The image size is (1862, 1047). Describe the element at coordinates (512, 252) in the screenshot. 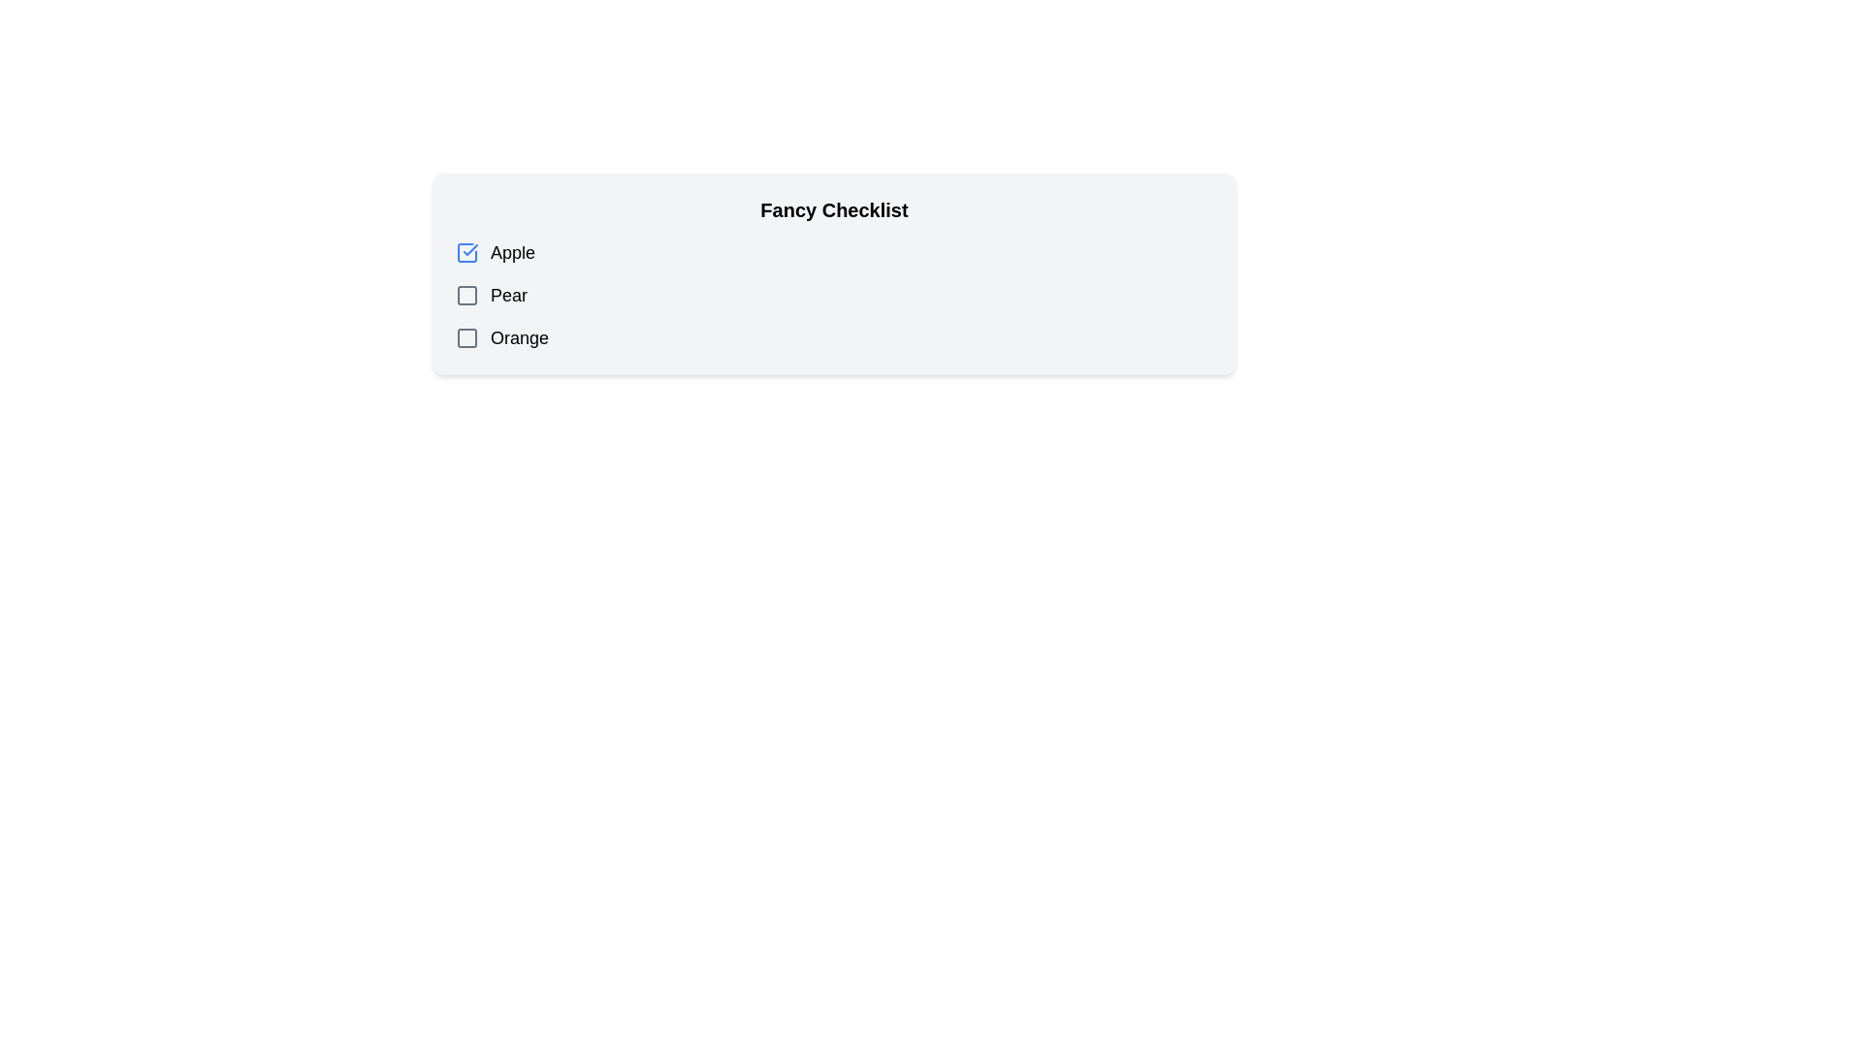

I see `the checkbox associated with the label 'Apple', which is the first item in the Fancy Checklist` at that location.